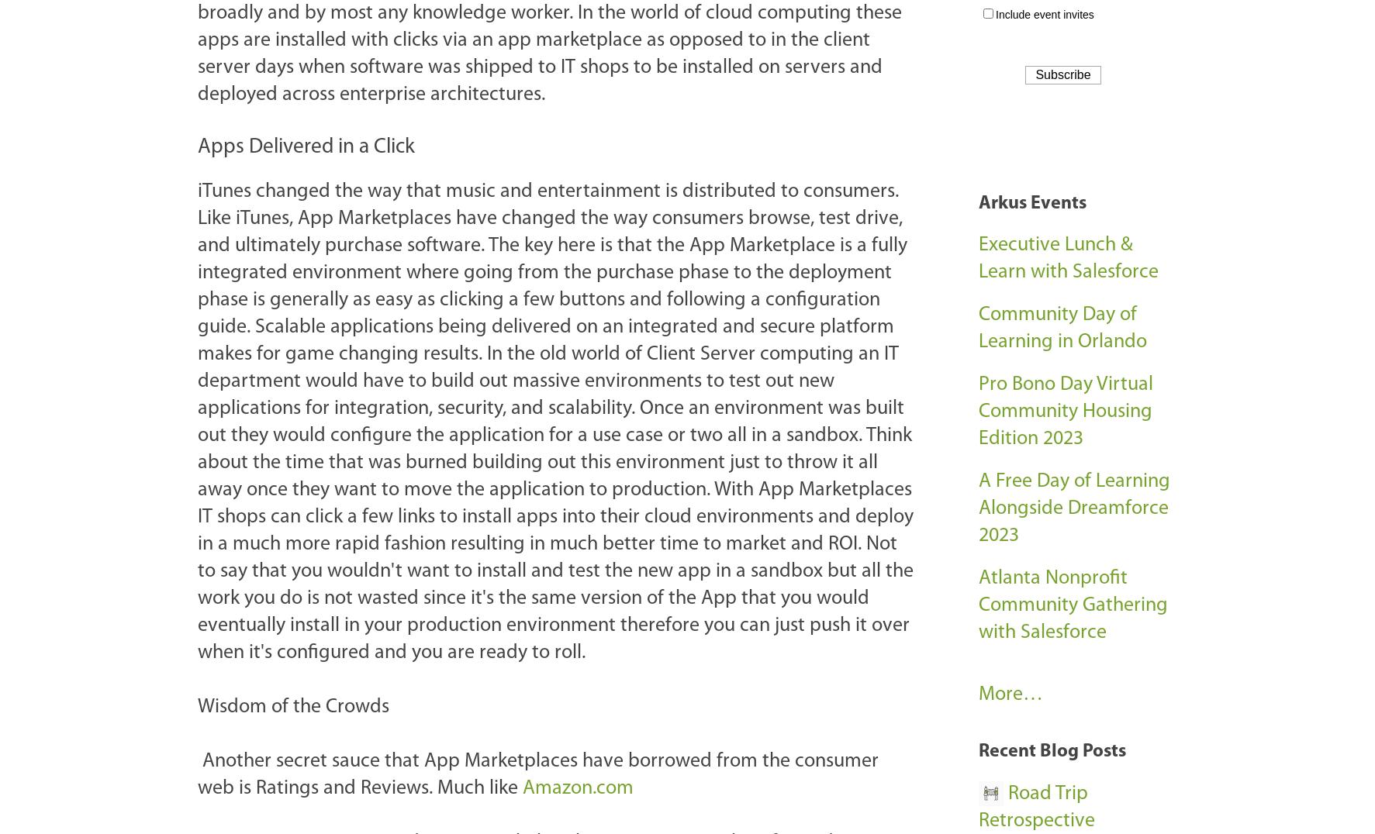 The width and height of the screenshot is (1375, 834). What do you see at coordinates (1062, 329) in the screenshot?
I see `'Community Day of Learning in Orlando'` at bounding box center [1062, 329].